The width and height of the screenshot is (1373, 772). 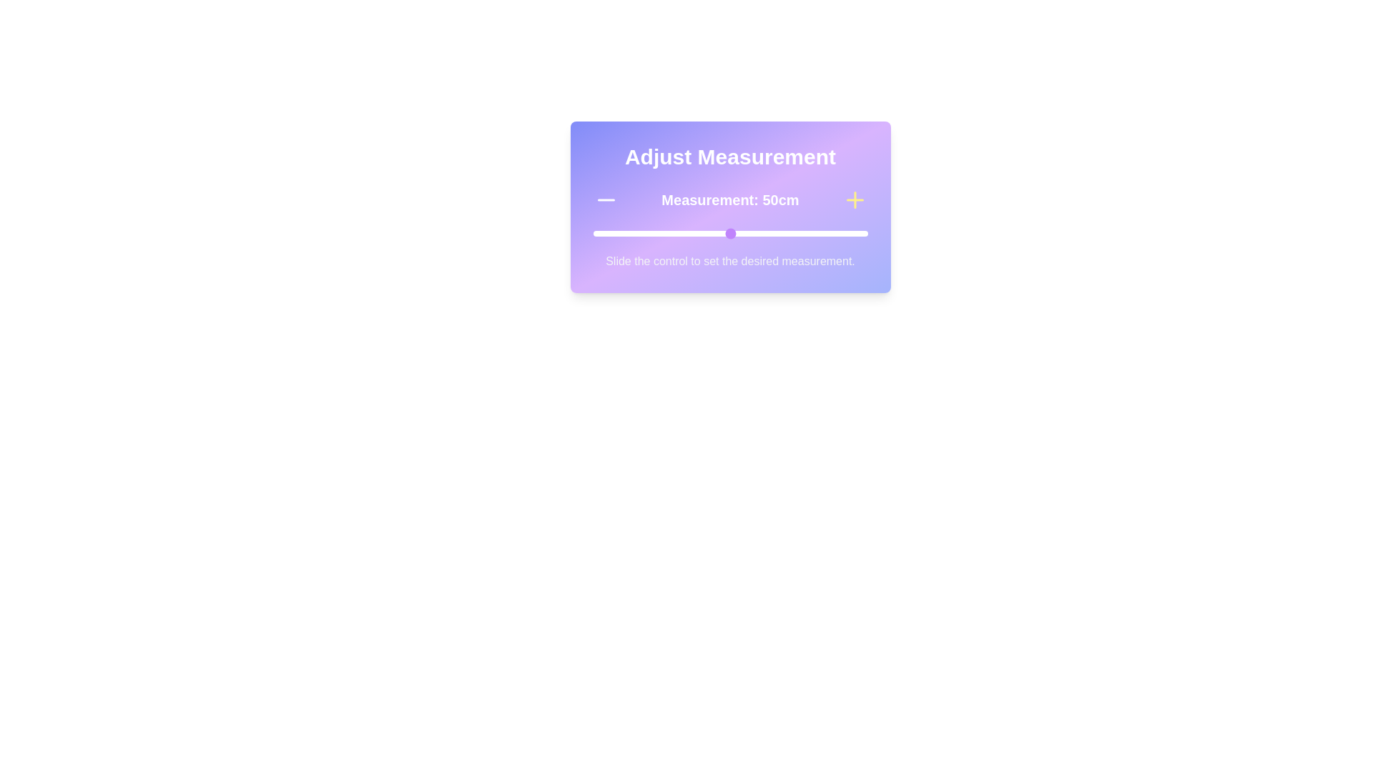 What do you see at coordinates (855, 200) in the screenshot?
I see `plus button to increase the measurement` at bounding box center [855, 200].